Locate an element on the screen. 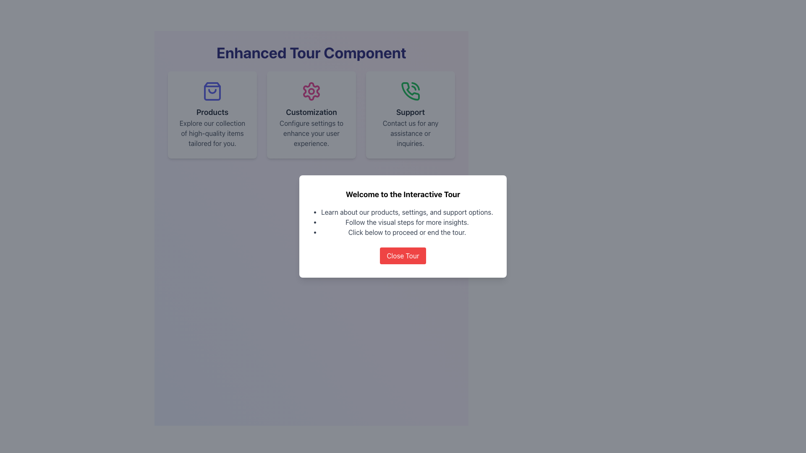 This screenshot has height=453, width=806. the shopping bag icon element, which is part of the 'Products' card and features minimalistic line art styling in an indigo accent color is located at coordinates (212, 91).